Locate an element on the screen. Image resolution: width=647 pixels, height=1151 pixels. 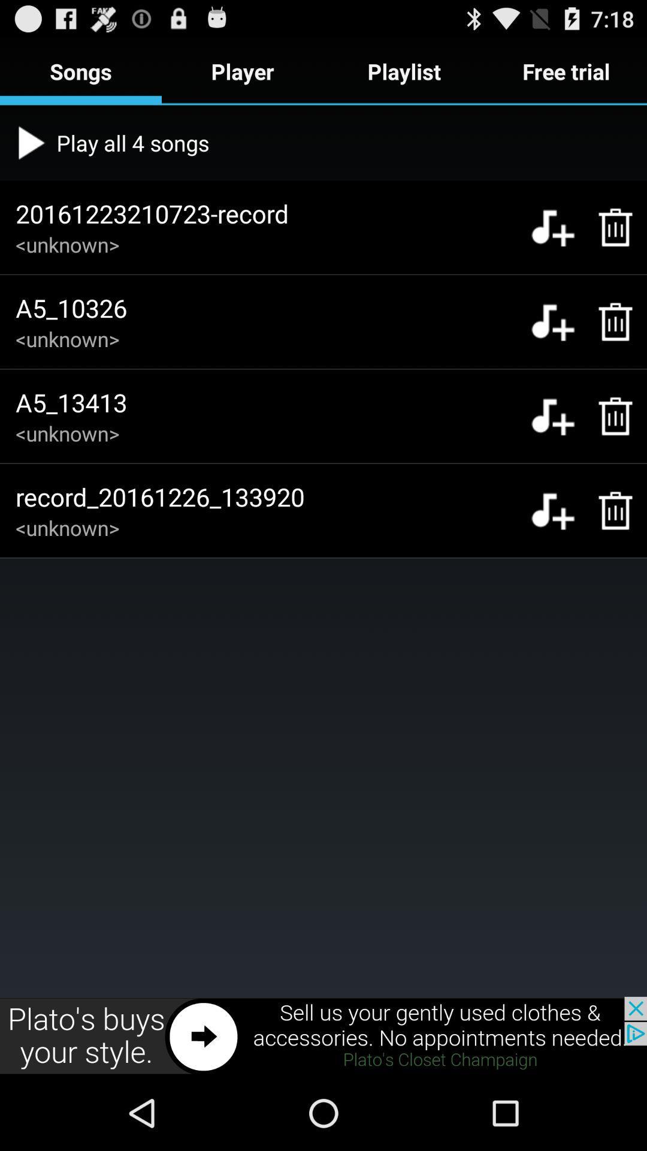
to playlist is located at coordinates (552, 510).